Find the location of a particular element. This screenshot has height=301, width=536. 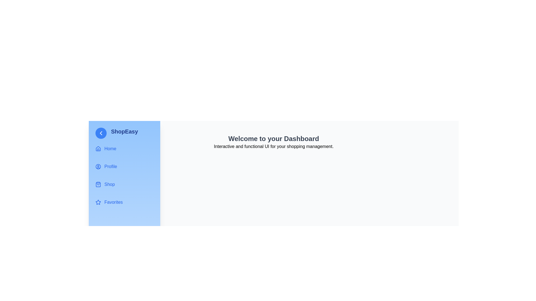

the star-shaped icon representing favorites in the 'Favorites' menu item, located to the left of the text label 'Favorites' is located at coordinates (98, 202).